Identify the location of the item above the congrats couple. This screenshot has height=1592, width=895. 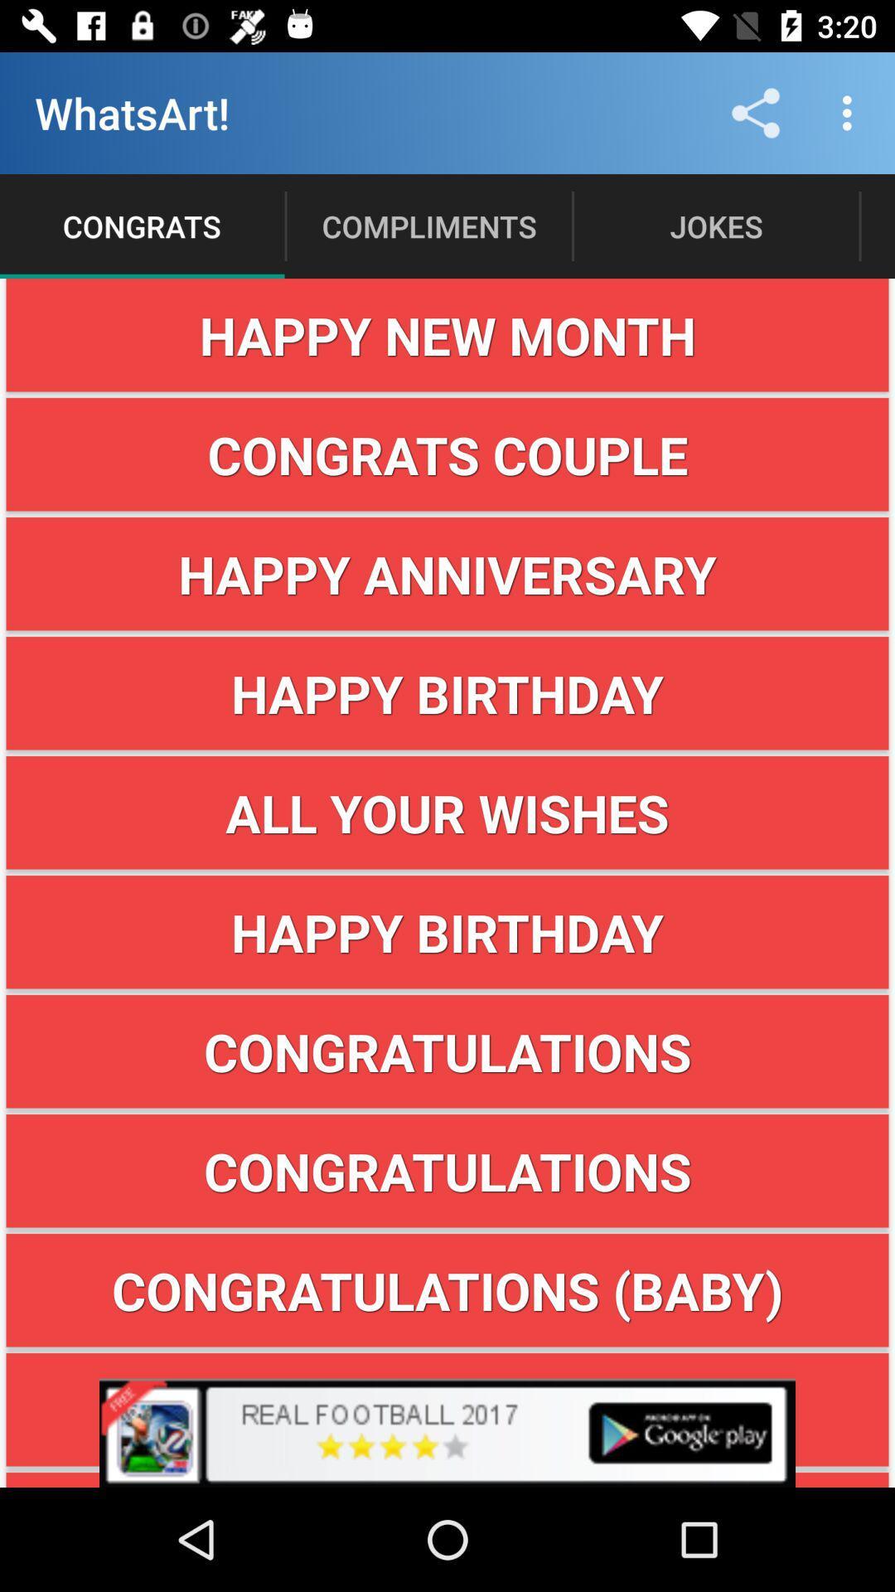
(447, 334).